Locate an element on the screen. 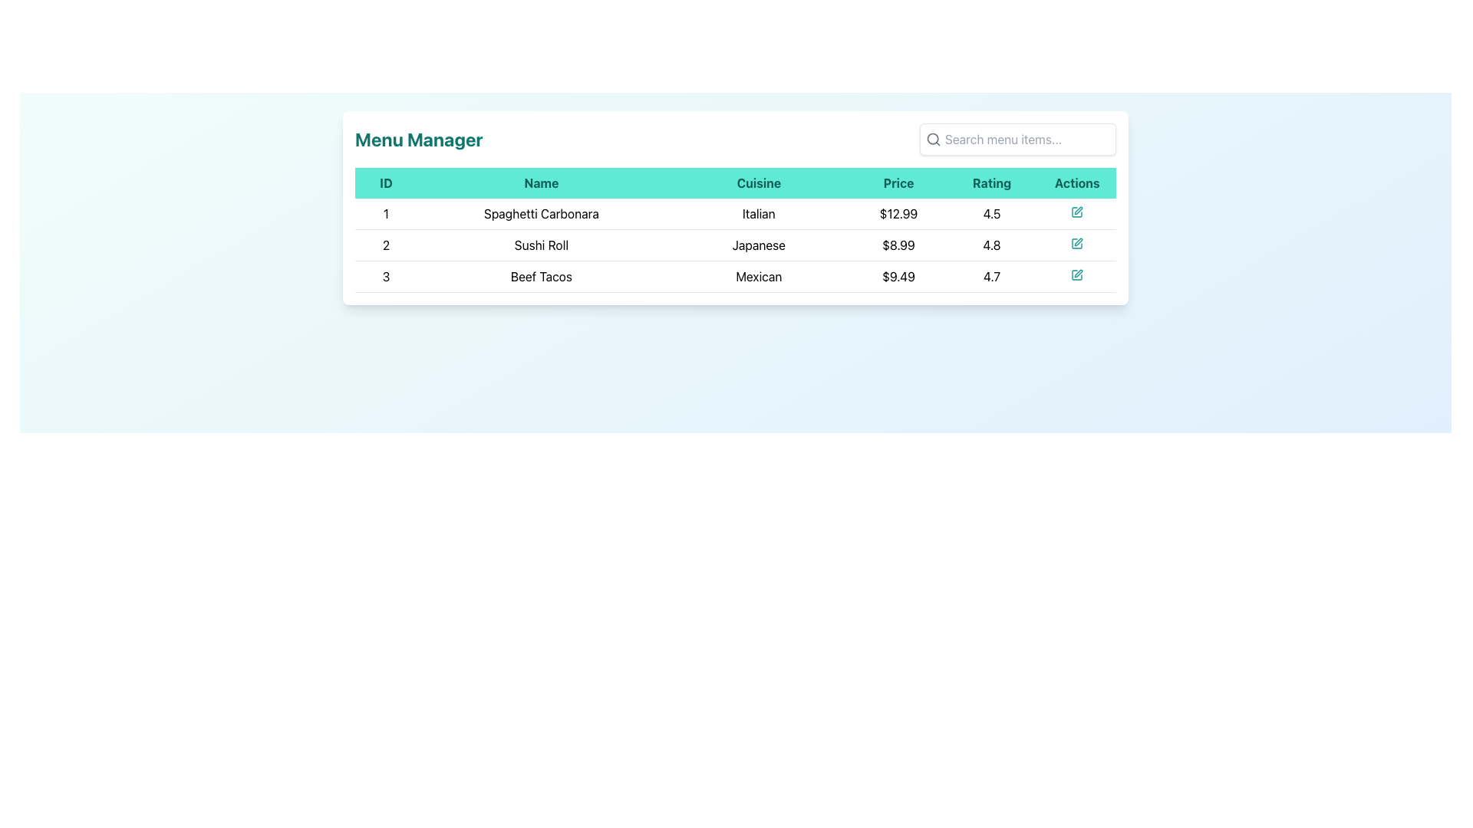 This screenshot has width=1473, height=828. the SVG Edit Icon located in the Actions column of the table in the first row is located at coordinates (1078, 210).